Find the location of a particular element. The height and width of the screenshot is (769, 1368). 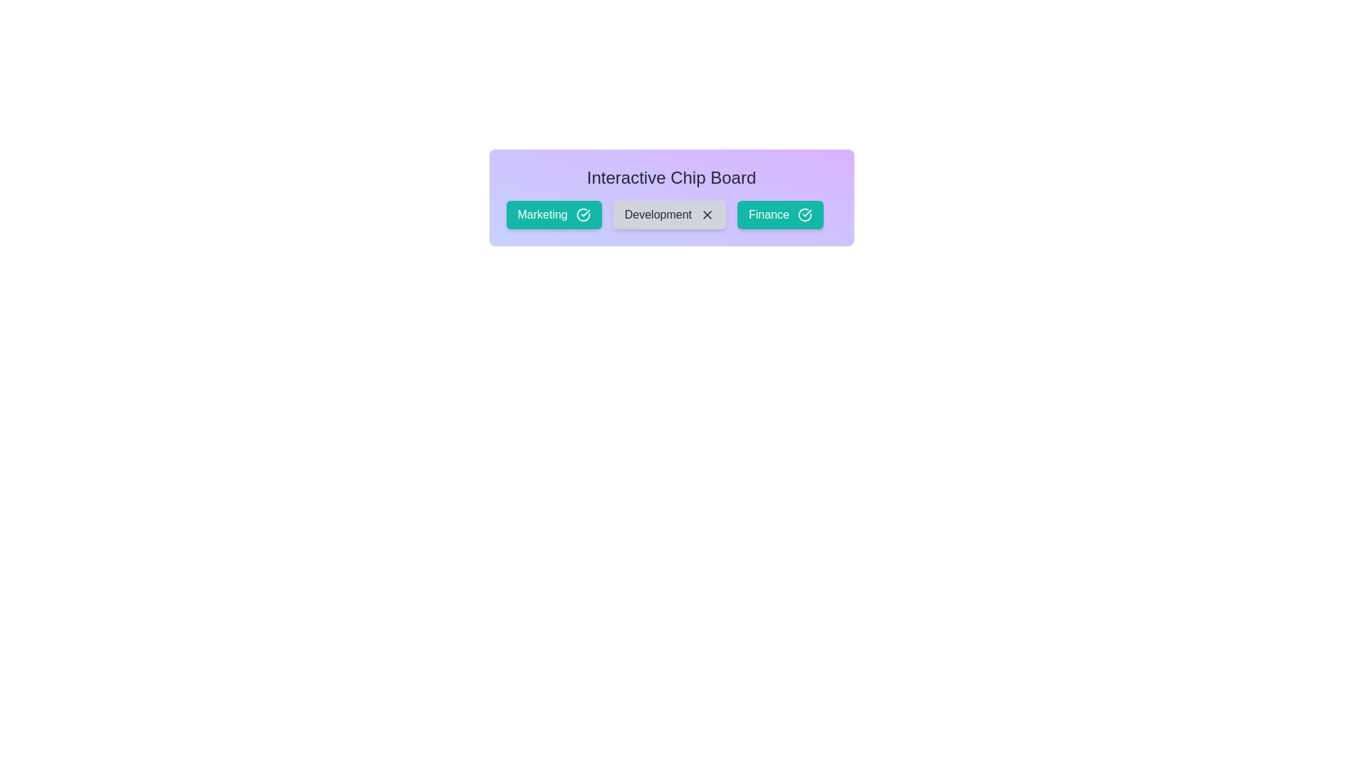

the chip labeled Development is located at coordinates (668, 214).